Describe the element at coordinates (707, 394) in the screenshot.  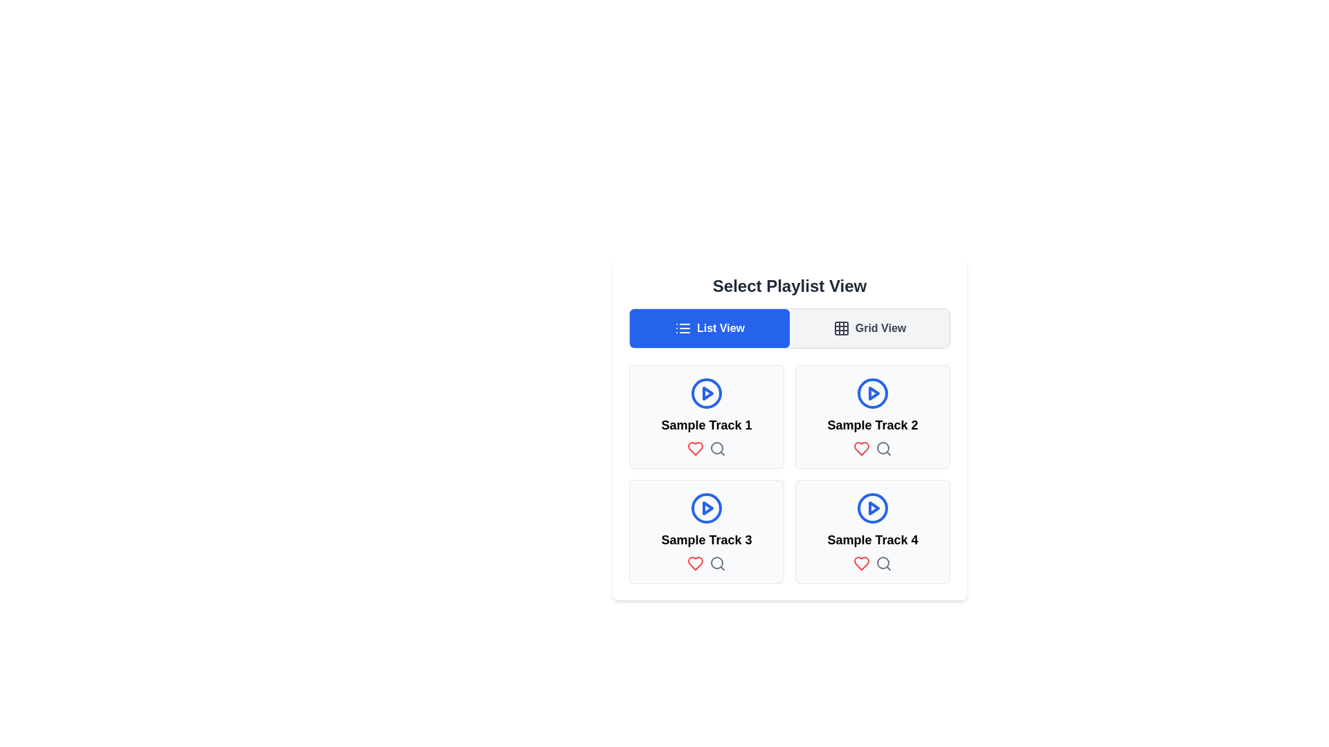
I see `the blue triangle 'play' button icon located inside a circular icon with a blue border` at that location.